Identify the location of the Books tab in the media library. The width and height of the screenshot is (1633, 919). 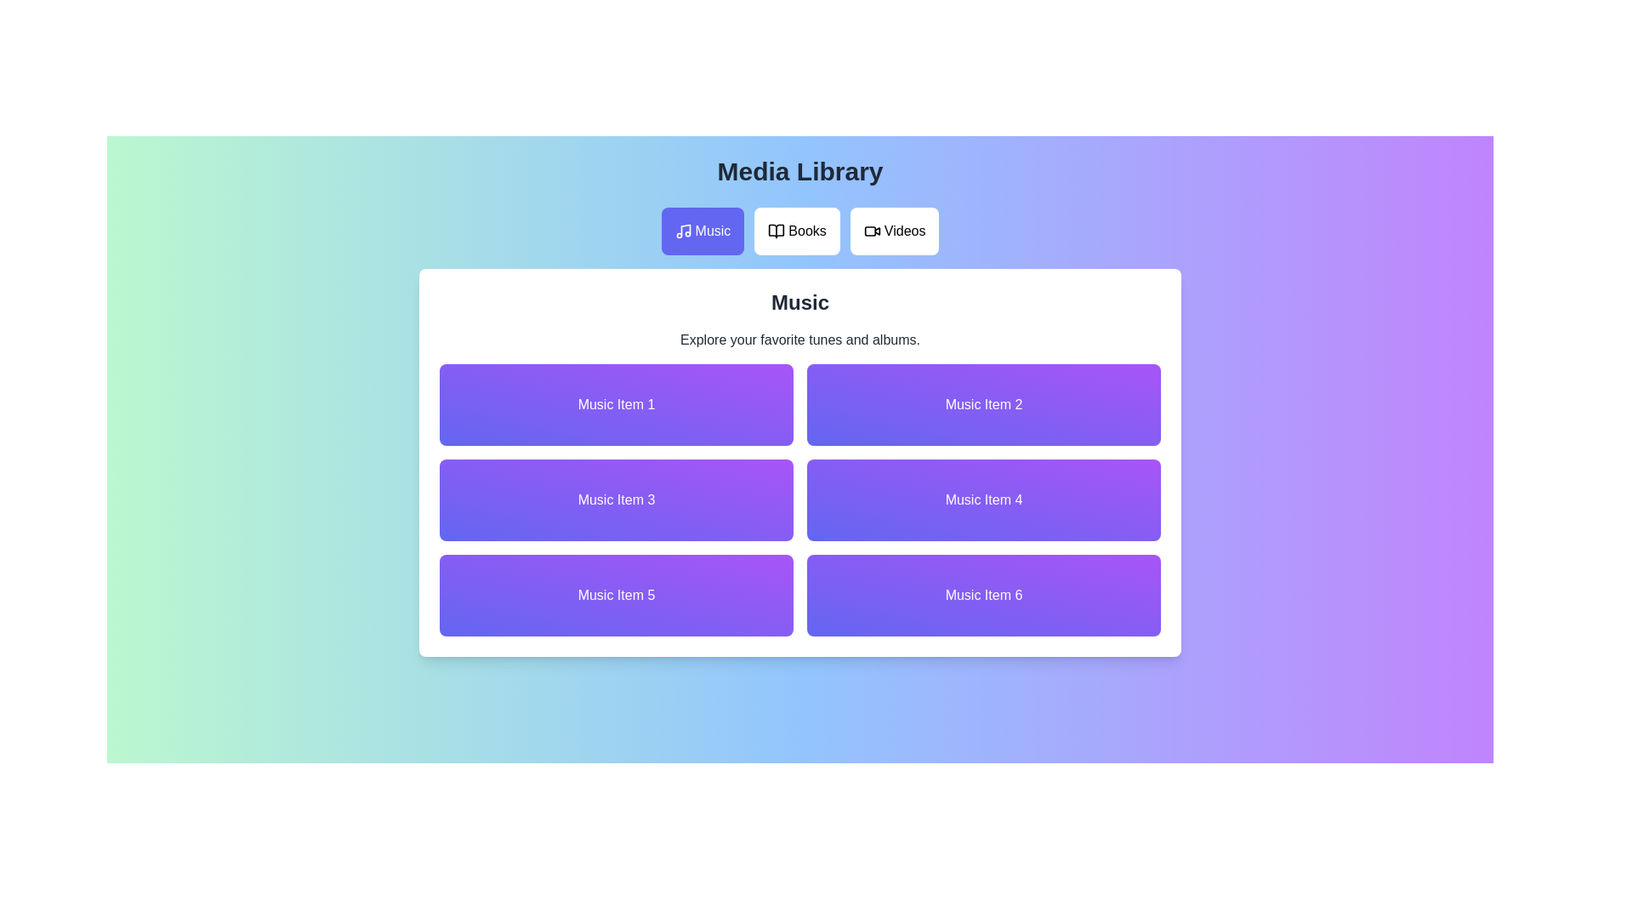
(795, 231).